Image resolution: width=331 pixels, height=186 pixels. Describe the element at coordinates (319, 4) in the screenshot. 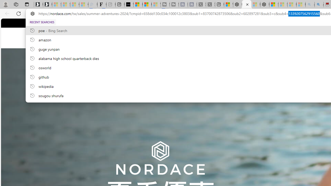

I see `'Amazon Echo Dot PNG - Search Images'` at that location.